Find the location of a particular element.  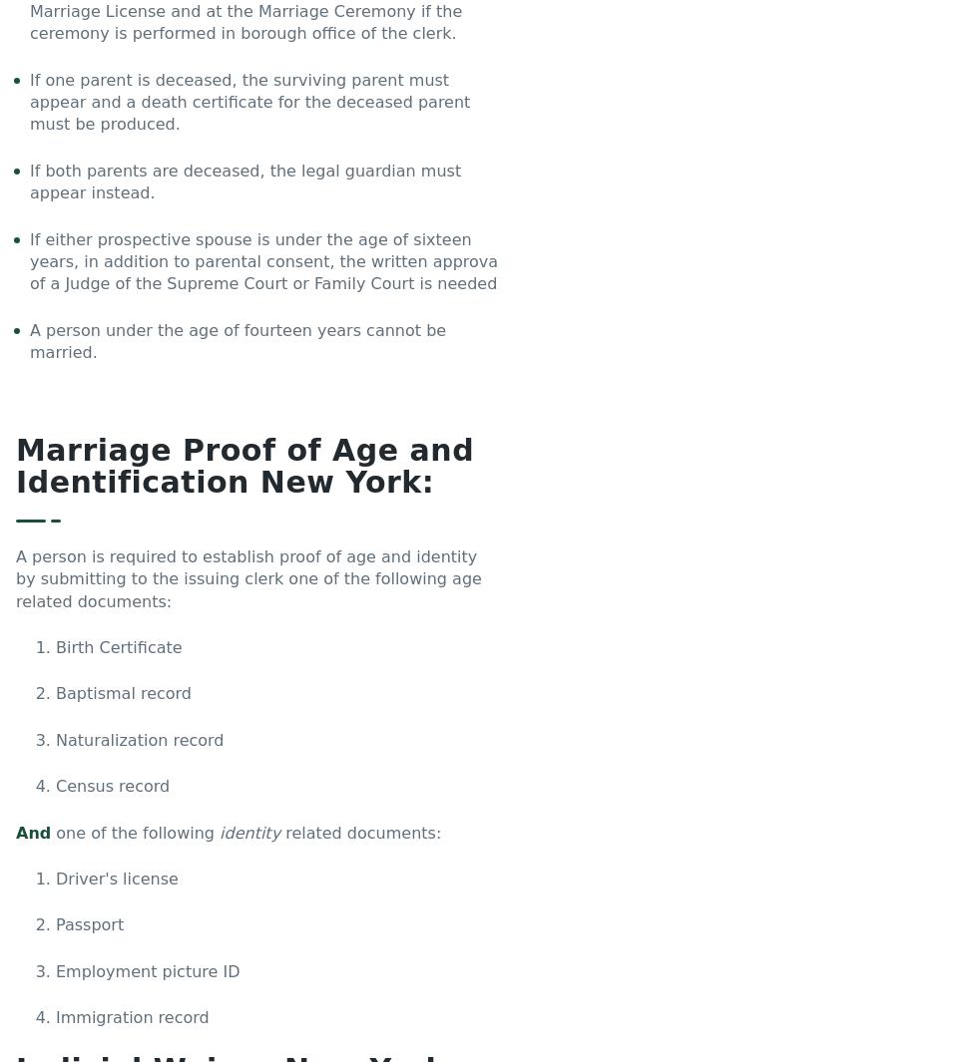

'A person is required to establish proof of age and identity by submitting to the issuing clerk one of the following age related documents:' is located at coordinates (16, 577).